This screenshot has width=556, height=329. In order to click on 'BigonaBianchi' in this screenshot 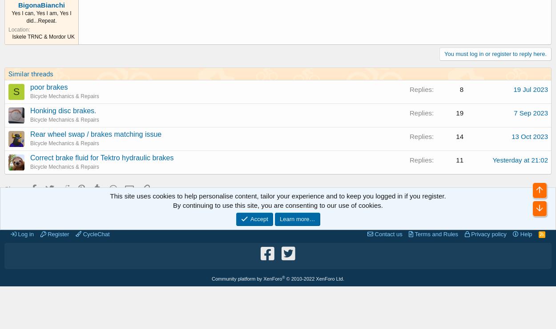, I will do `click(18, 4)`.